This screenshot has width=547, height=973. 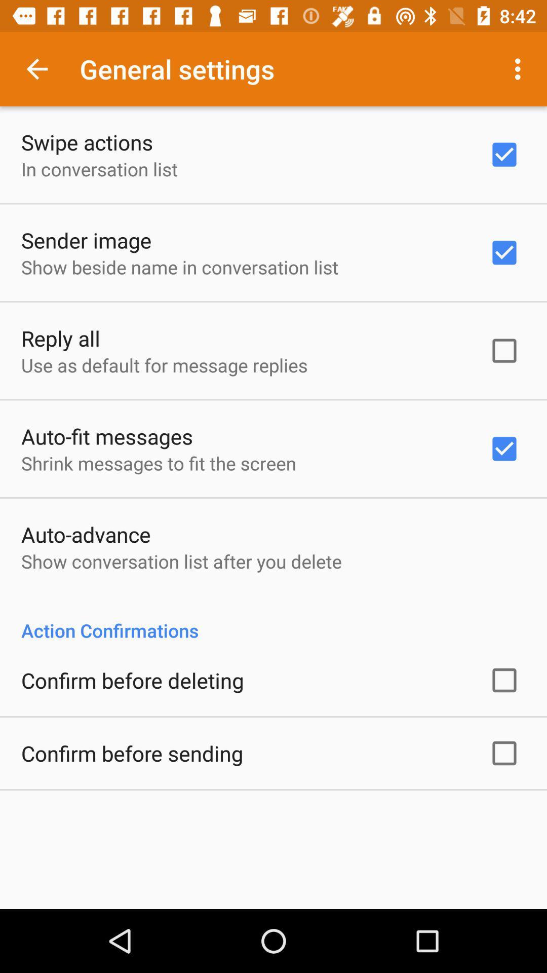 What do you see at coordinates (36, 68) in the screenshot?
I see `icon to the left of general settings` at bounding box center [36, 68].